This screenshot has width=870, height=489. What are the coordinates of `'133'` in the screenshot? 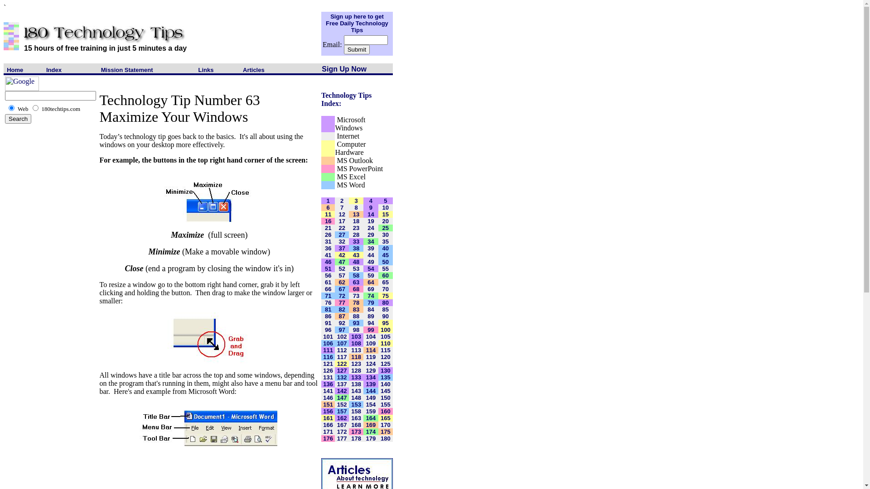 It's located at (356, 377).